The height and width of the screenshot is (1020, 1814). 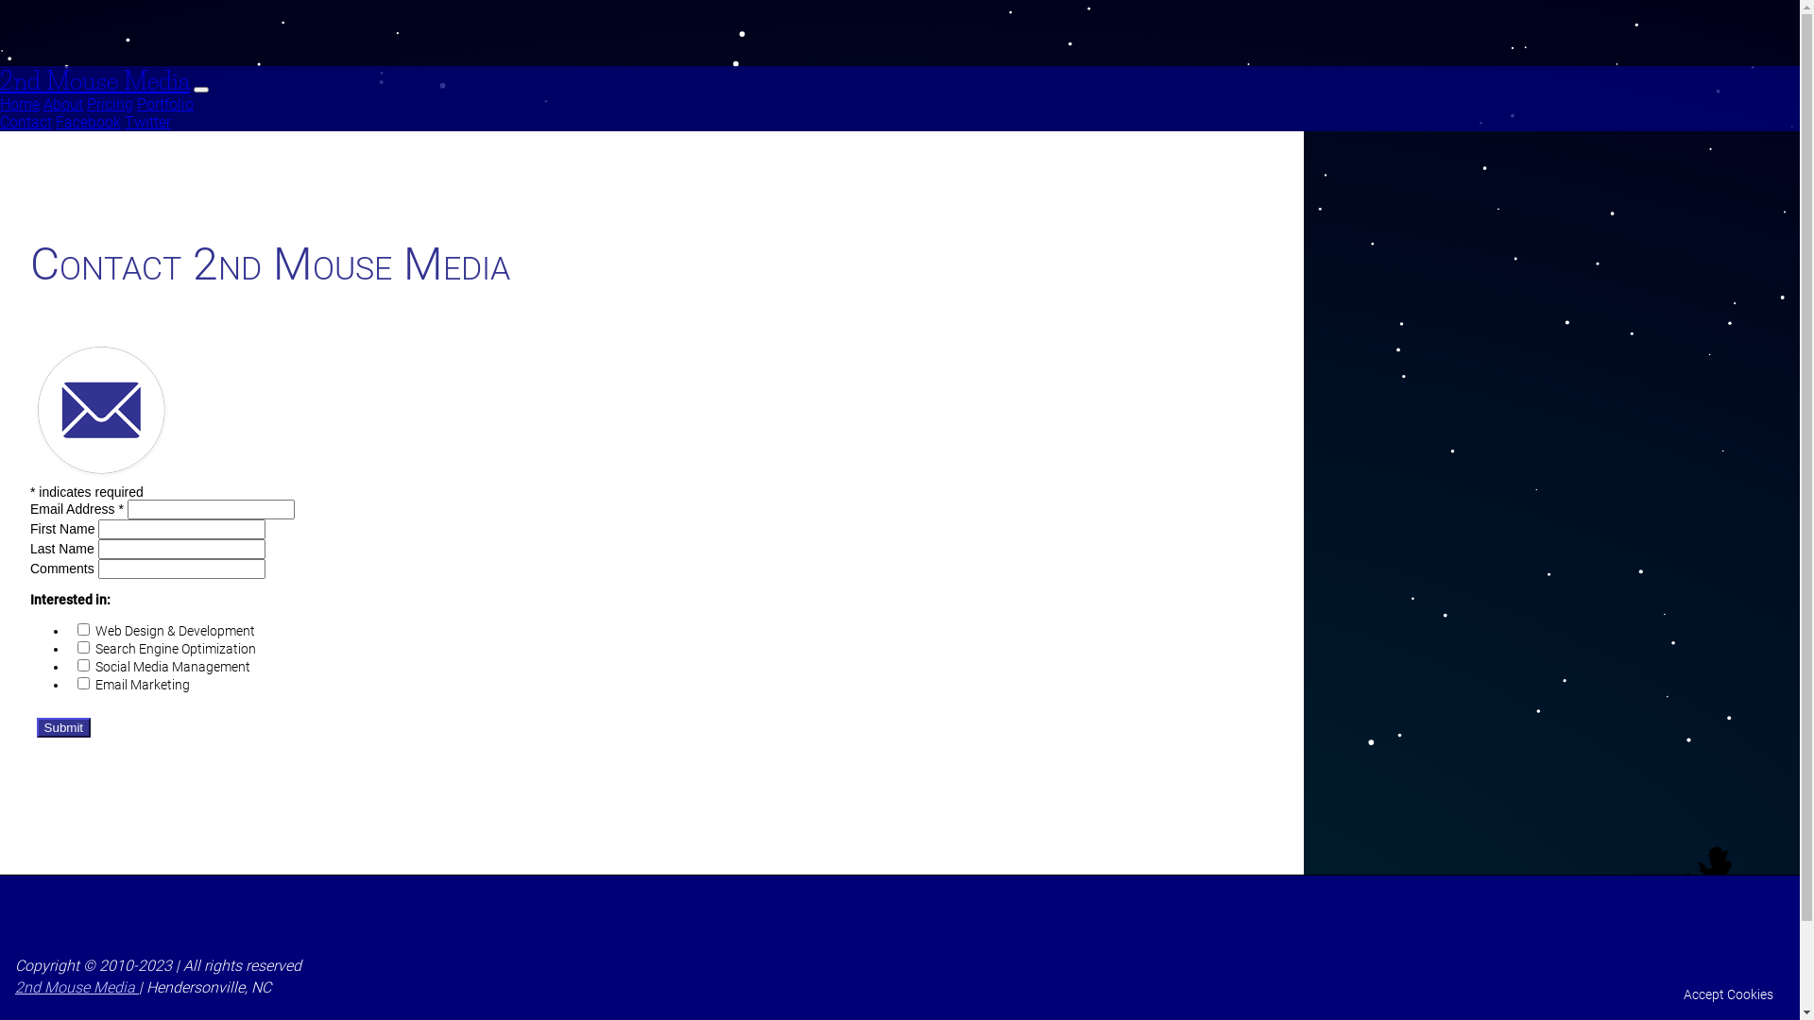 What do you see at coordinates (43, 104) in the screenshot?
I see `'About'` at bounding box center [43, 104].